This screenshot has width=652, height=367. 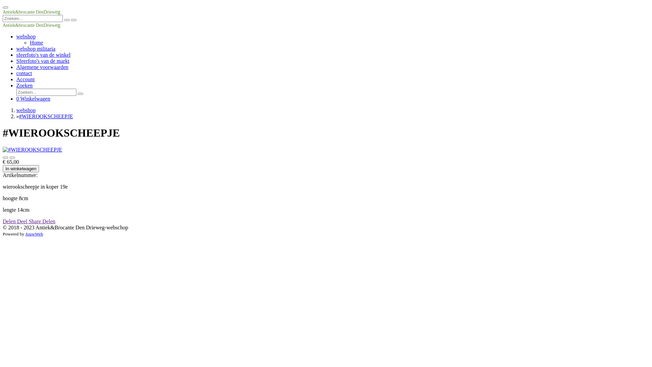 I want to click on 'Deel', so click(x=23, y=221).